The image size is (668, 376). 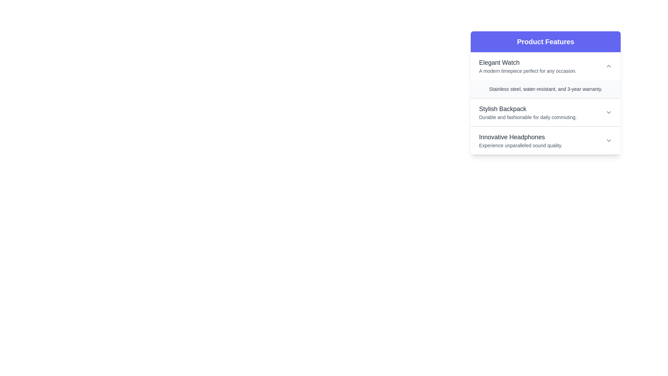 What do you see at coordinates (545, 112) in the screenshot?
I see `the Interactive List Item located in the middle of the 'Product Features' section, positioned between 'Elegant Watch' and 'Innovative Headphones', for further actions` at bounding box center [545, 112].